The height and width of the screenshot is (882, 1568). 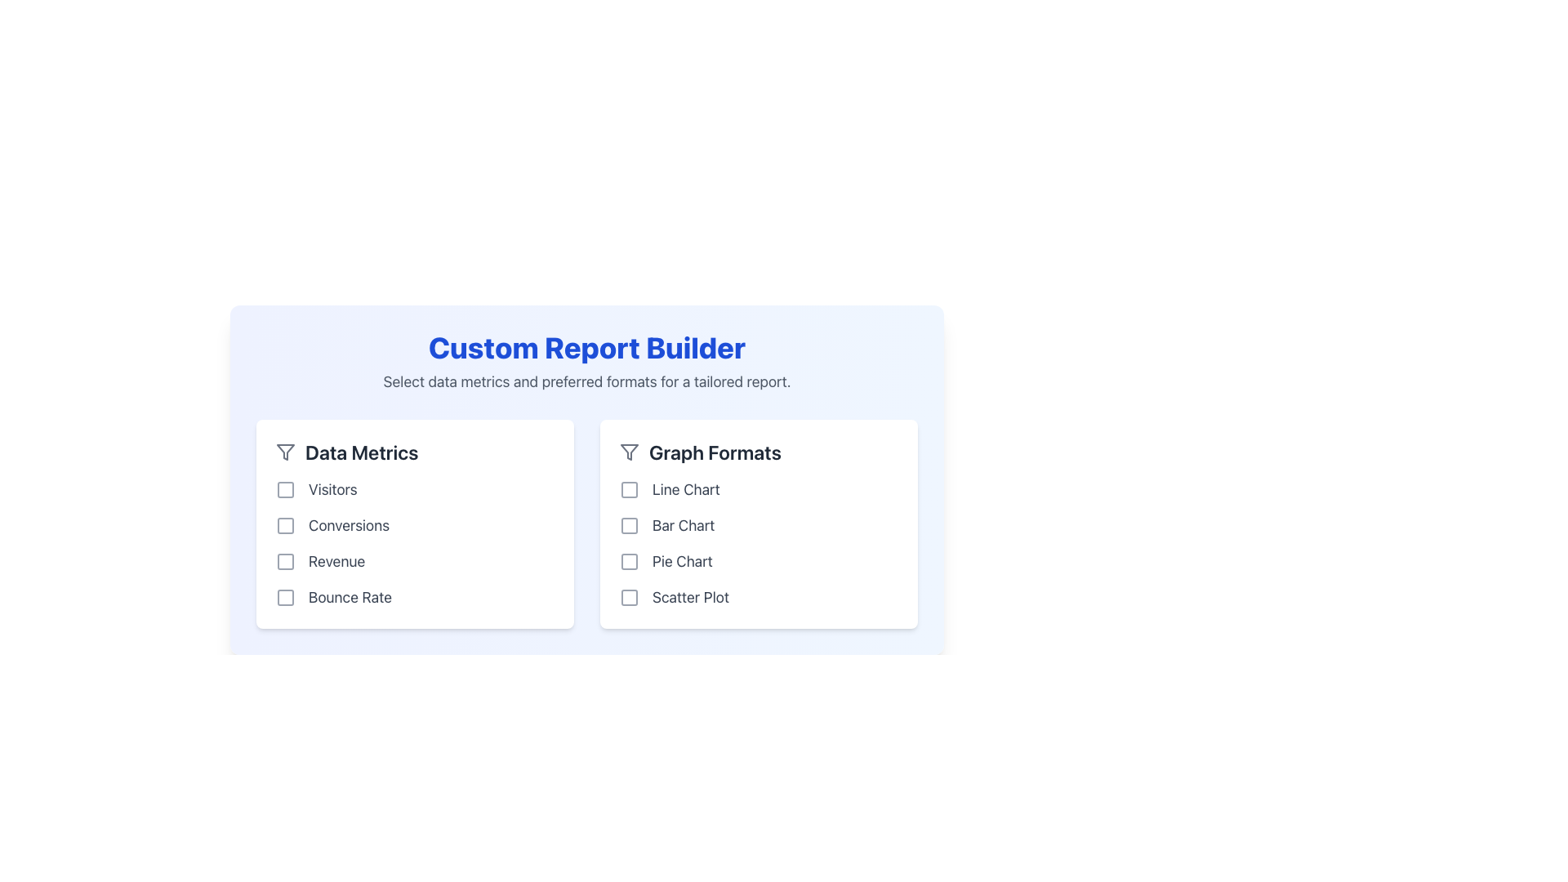 I want to click on the checkbox icon located next to the 'Bounce Rate' label, so click(x=286, y=598).